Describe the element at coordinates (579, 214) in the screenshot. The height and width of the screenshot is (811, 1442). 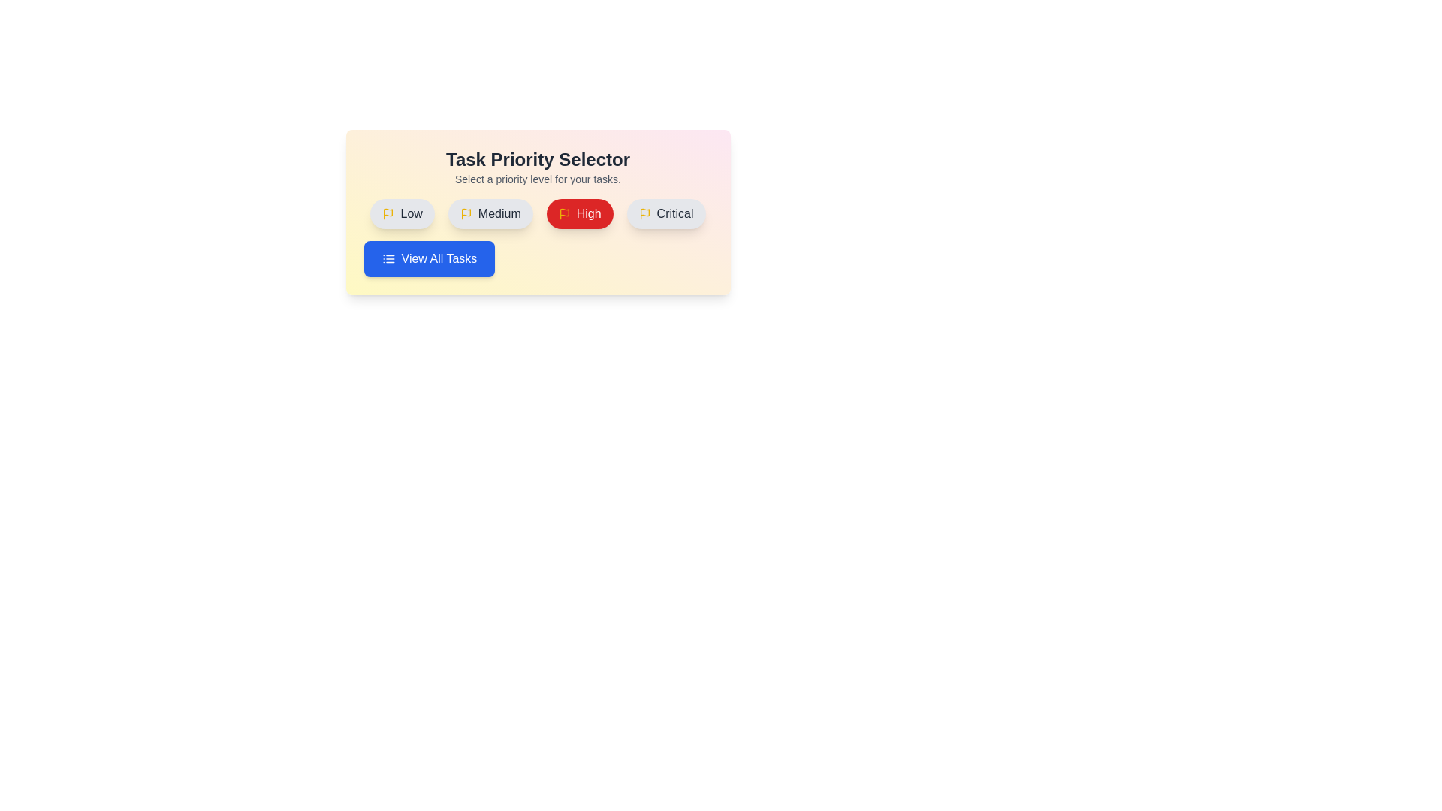
I see `the button corresponding to the priority level High` at that location.